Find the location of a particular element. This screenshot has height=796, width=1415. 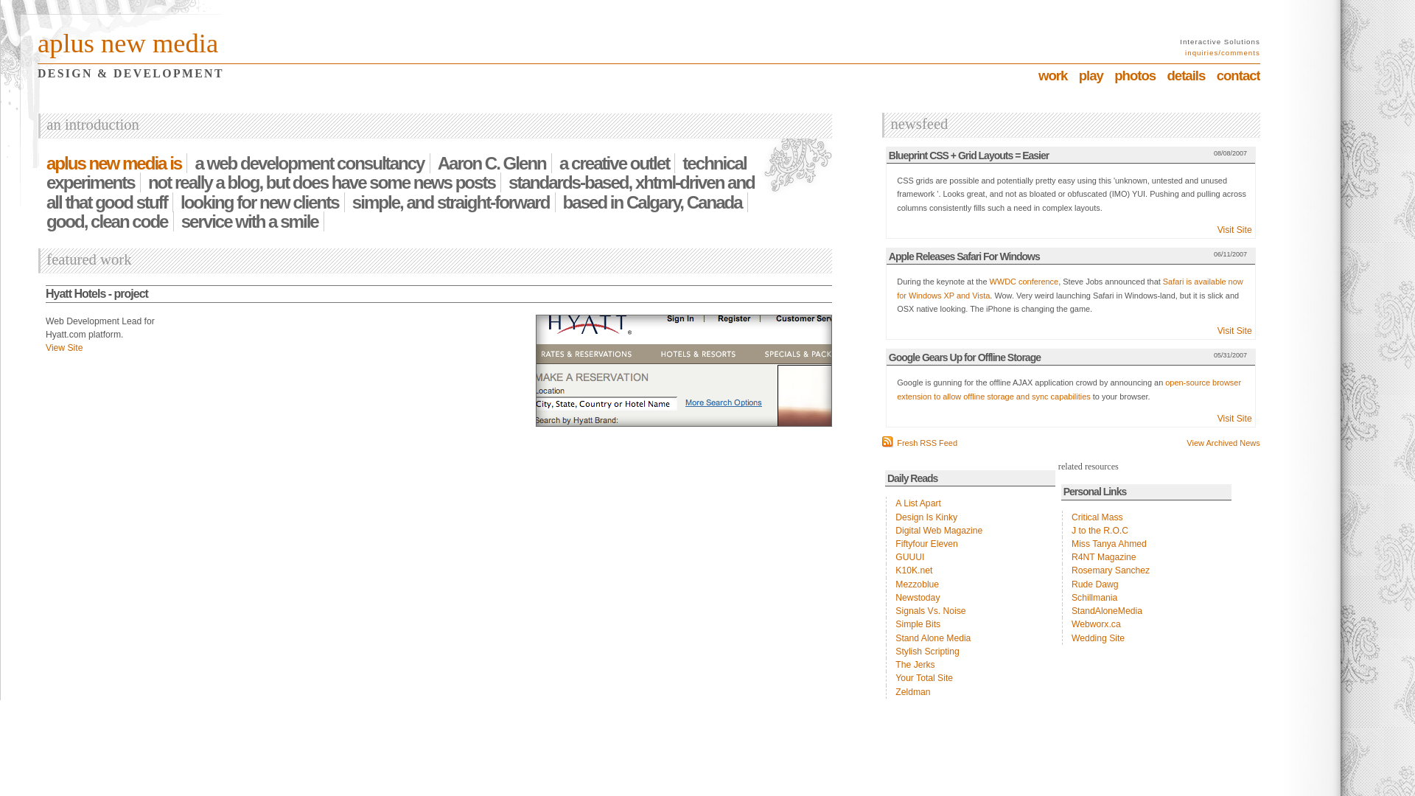

'A List Apart' is located at coordinates (970, 502).